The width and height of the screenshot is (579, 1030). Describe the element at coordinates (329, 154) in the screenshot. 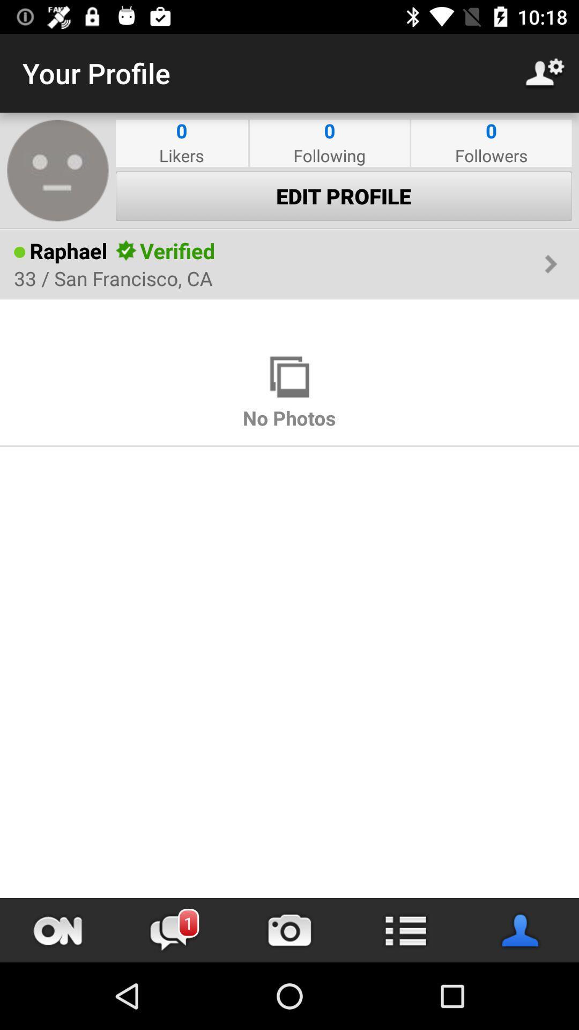

I see `item next to followers icon` at that location.